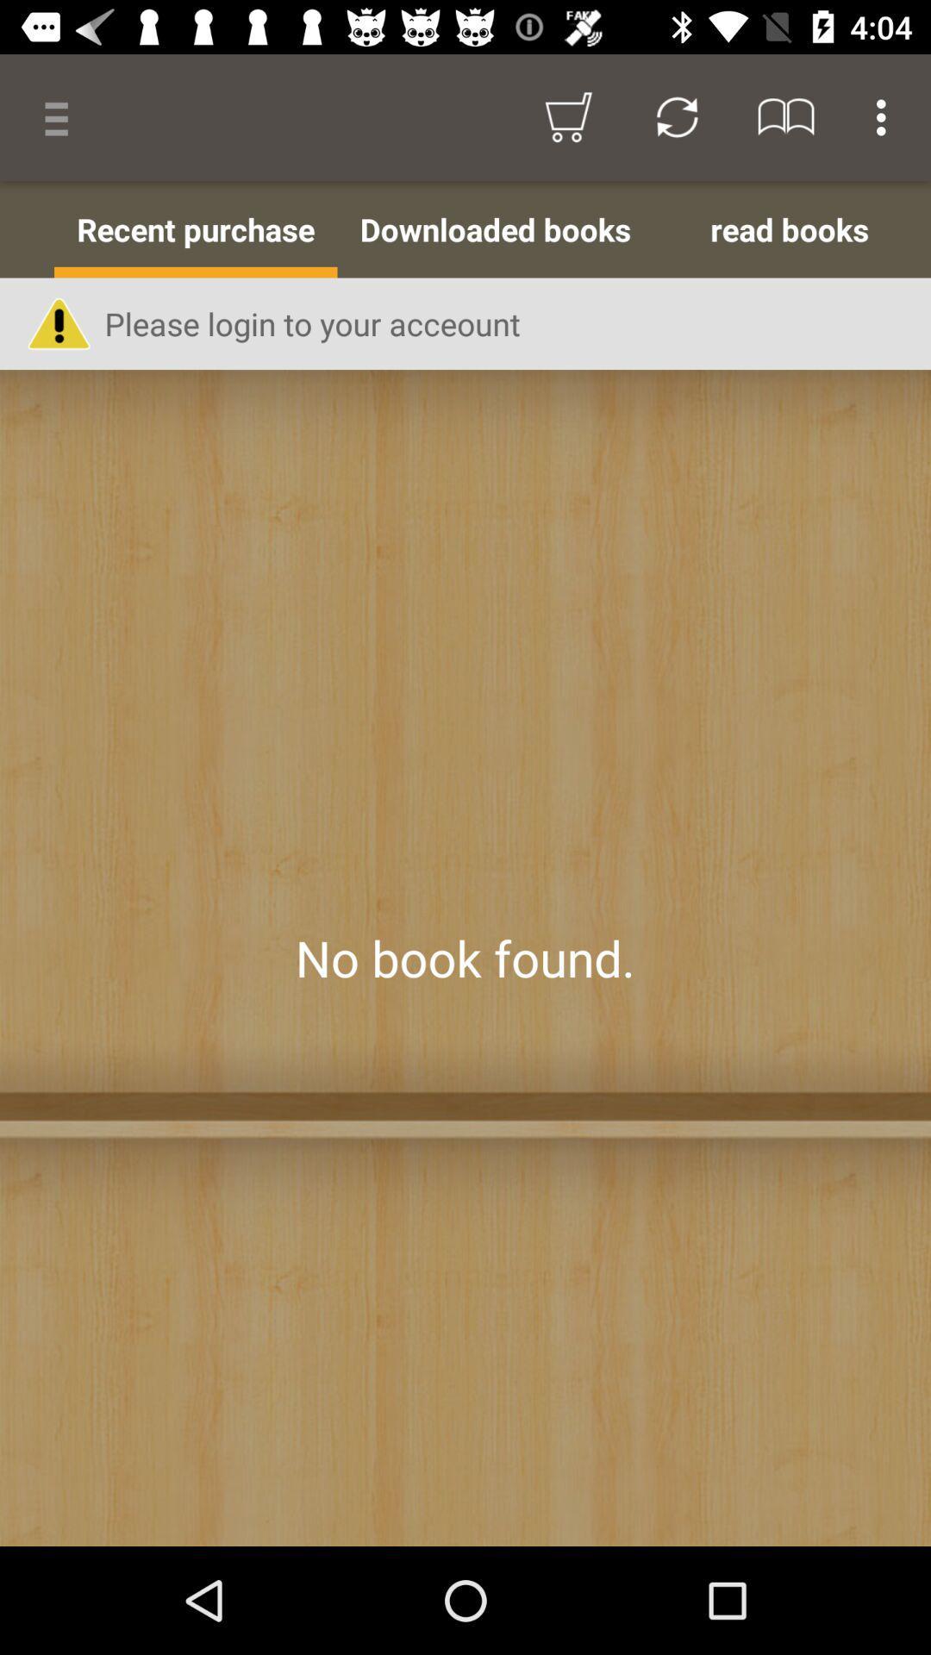 This screenshot has height=1655, width=931. Describe the element at coordinates (495, 228) in the screenshot. I see `app next to the read books app` at that location.